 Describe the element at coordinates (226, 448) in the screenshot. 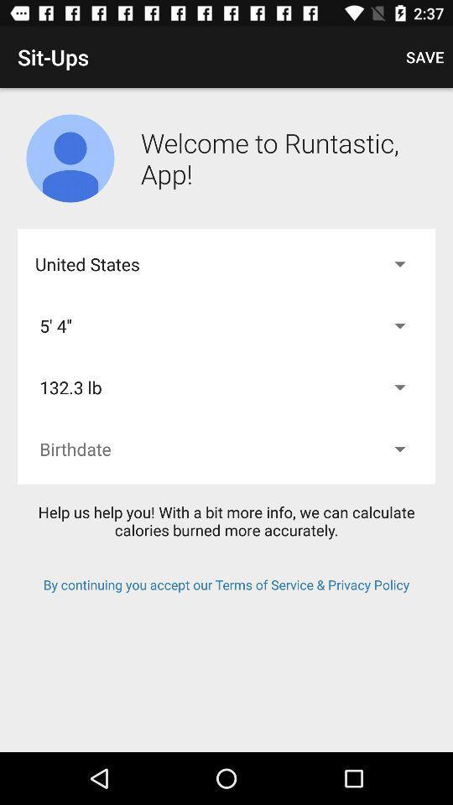

I see `your birthdate` at that location.